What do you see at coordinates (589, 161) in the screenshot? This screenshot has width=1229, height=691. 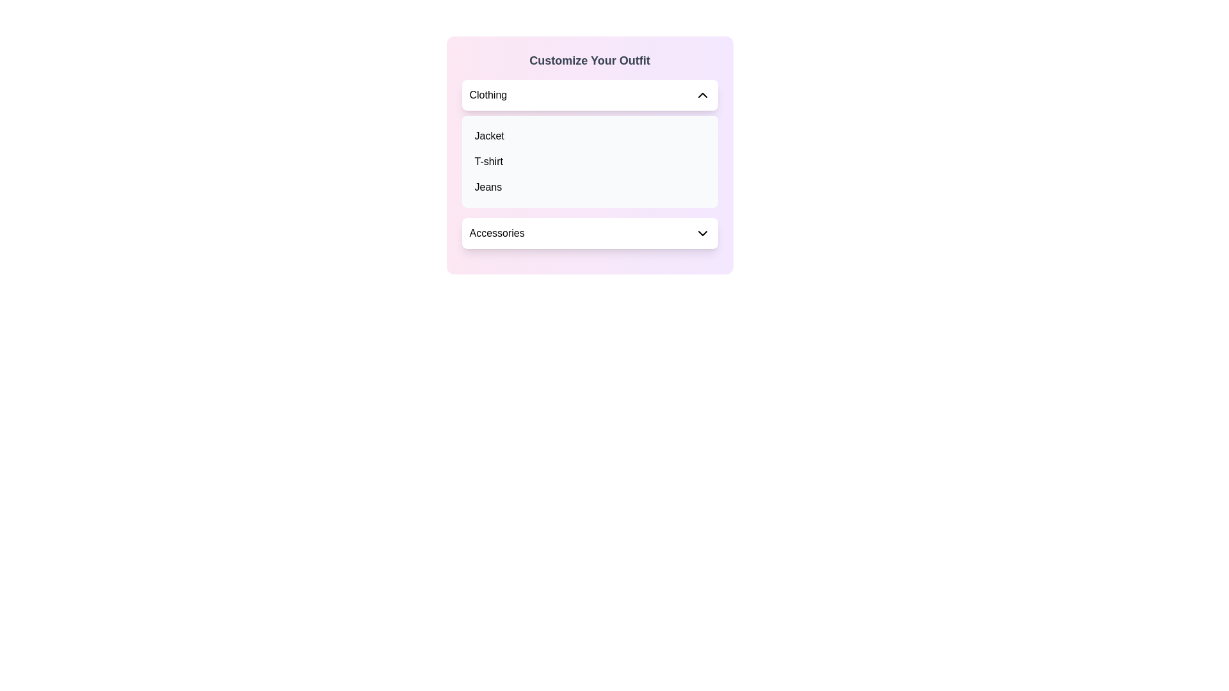 I see `on the 'T-shirt' Interactive List Item in the 'Customize Your Outfit' menu` at bounding box center [589, 161].